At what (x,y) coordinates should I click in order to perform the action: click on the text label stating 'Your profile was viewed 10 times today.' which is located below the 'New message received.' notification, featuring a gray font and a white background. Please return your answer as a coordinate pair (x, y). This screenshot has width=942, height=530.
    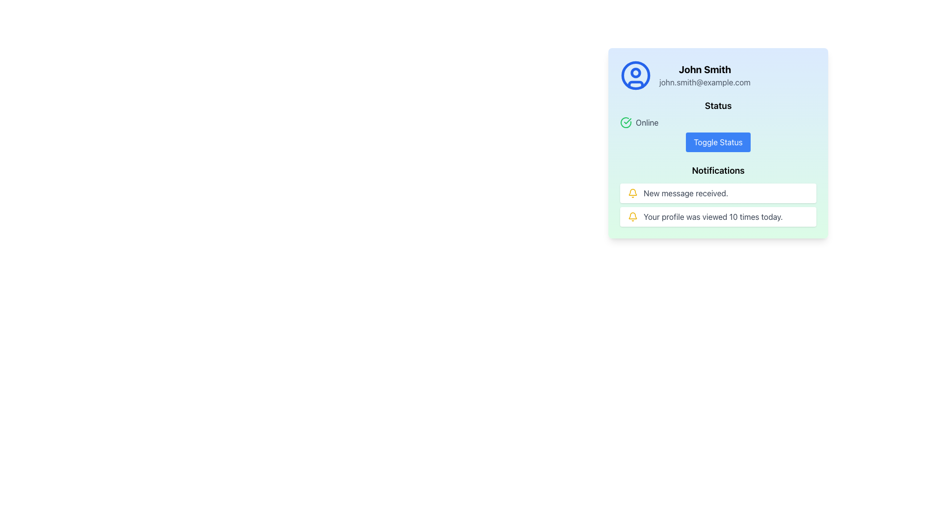
    Looking at the image, I should click on (713, 216).